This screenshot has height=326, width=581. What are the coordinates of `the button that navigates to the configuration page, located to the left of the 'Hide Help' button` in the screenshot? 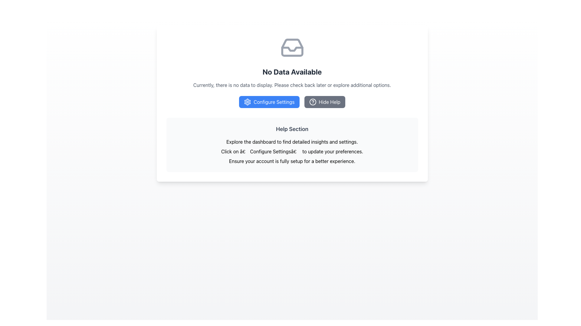 It's located at (292, 103).